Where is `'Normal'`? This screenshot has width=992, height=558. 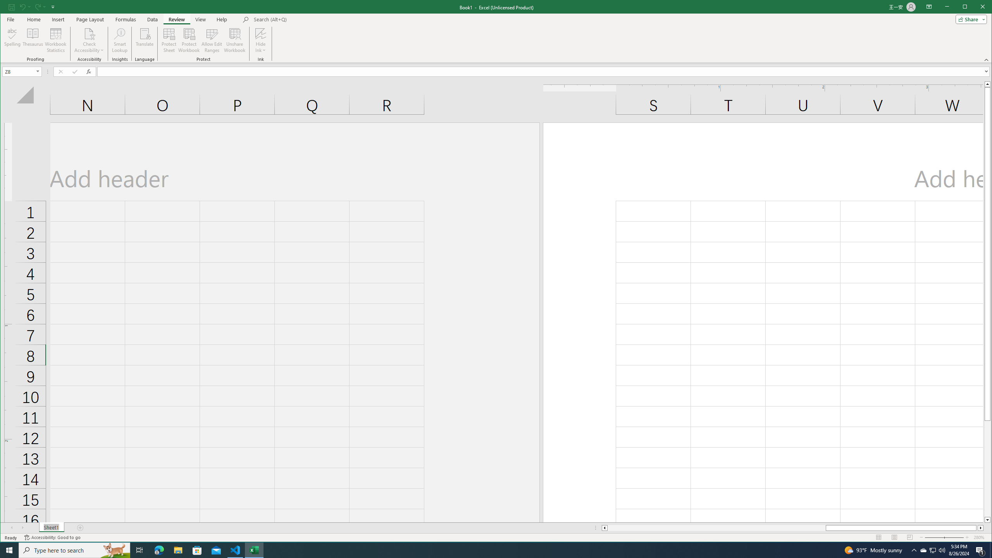 'Normal' is located at coordinates (878, 537).